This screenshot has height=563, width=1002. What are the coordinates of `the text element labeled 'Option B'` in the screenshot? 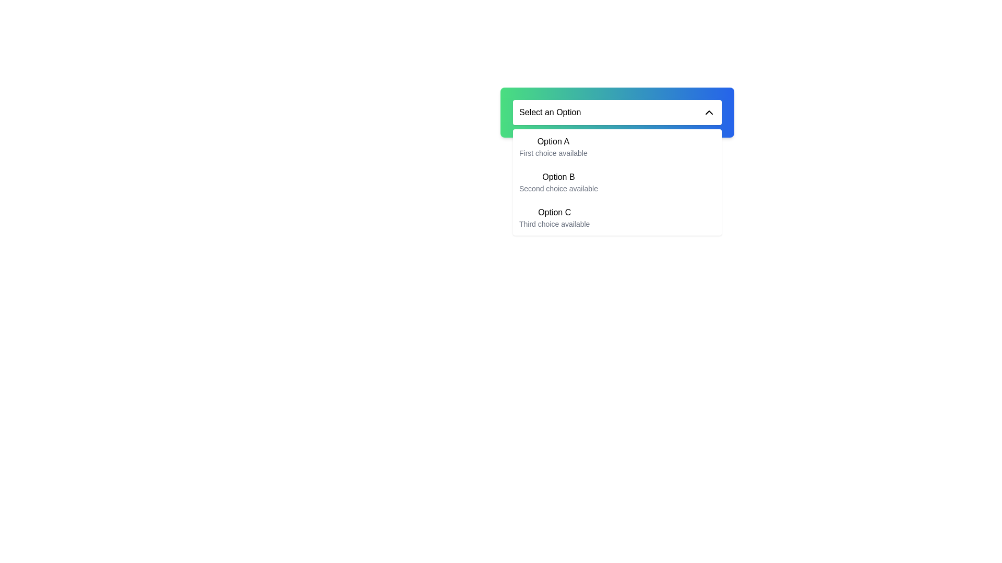 It's located at (558, 176).